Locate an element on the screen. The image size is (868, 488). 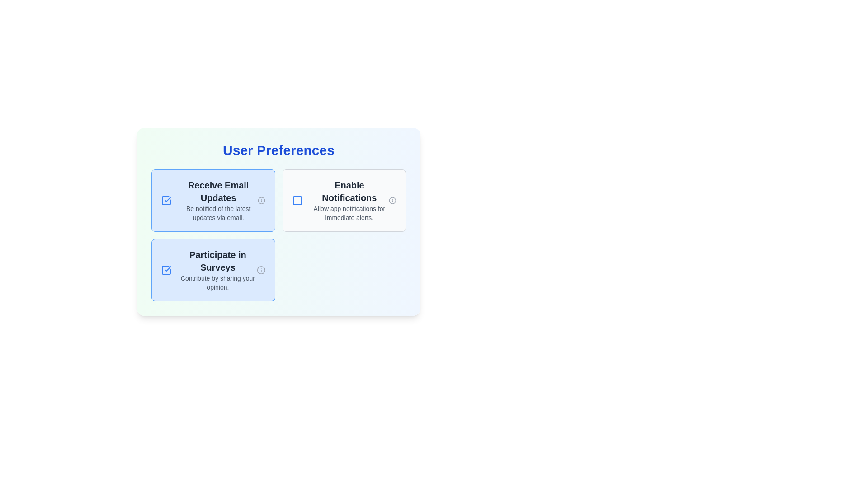
the Informational Panel with Description located in the bottom left quadrant under 'User Preferences', which is the second option in the left column is located at coordinates (217, 269).